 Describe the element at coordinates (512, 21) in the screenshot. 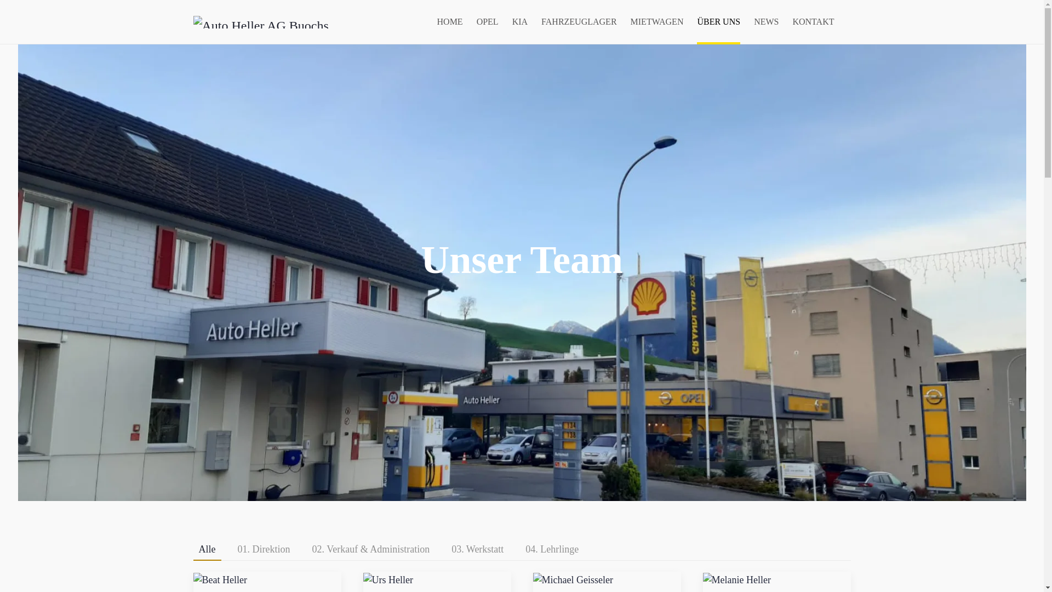

I see `'KIA'` at that location.